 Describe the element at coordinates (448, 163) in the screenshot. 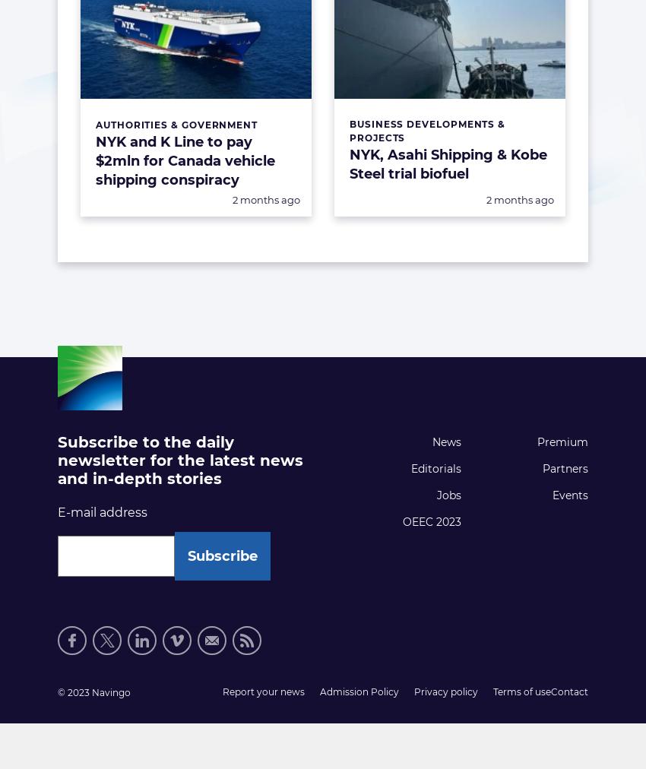

I see `'NYK, Asahi Shipping & Kobe Steel trial biofuel'` at that location.